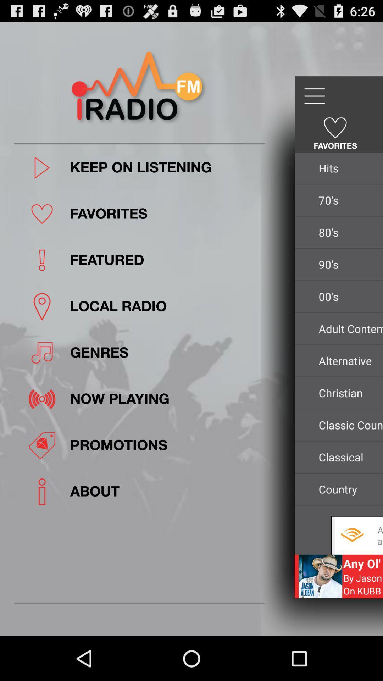 This screenshot has width=383, height=681. Describe the element at coordinates (348, 392) in the screenshot. I see `christian` at that location.